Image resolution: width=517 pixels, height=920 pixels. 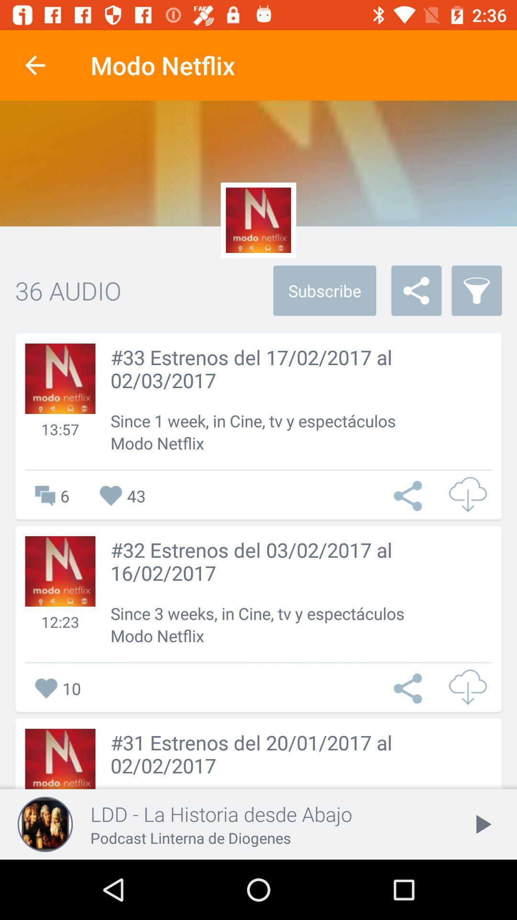 What do you see at coordinates (482, 824) in the screenshot?
I see `the icon to the right of the ldd la historia item` at bounding box center [482, 824].